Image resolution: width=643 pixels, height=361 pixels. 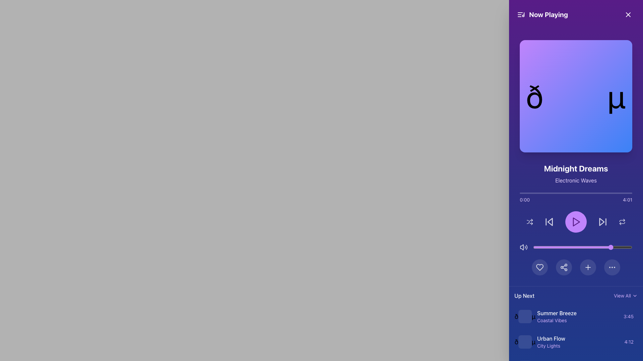 I want to click on the button with an icon depicting two connected nodes within a circular border, located centrally in the bottom tray of the interface, second from the left, so click(x=564, y=267).